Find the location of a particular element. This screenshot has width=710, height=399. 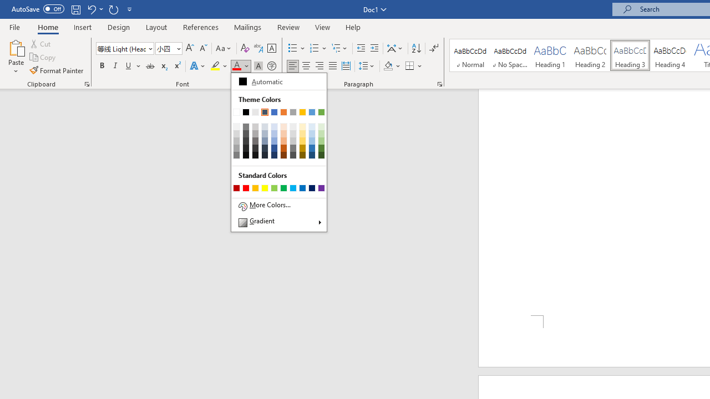

'Enclose Characters...' is located at coordinates (271, 66).